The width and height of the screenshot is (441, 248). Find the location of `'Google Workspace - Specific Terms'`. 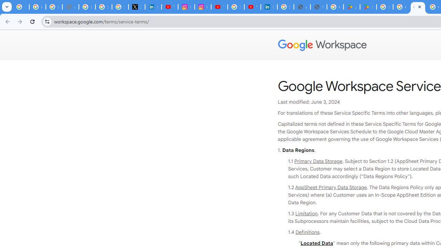

'Google Workspace - Specific Terms' is located at coordinates (417, 7).